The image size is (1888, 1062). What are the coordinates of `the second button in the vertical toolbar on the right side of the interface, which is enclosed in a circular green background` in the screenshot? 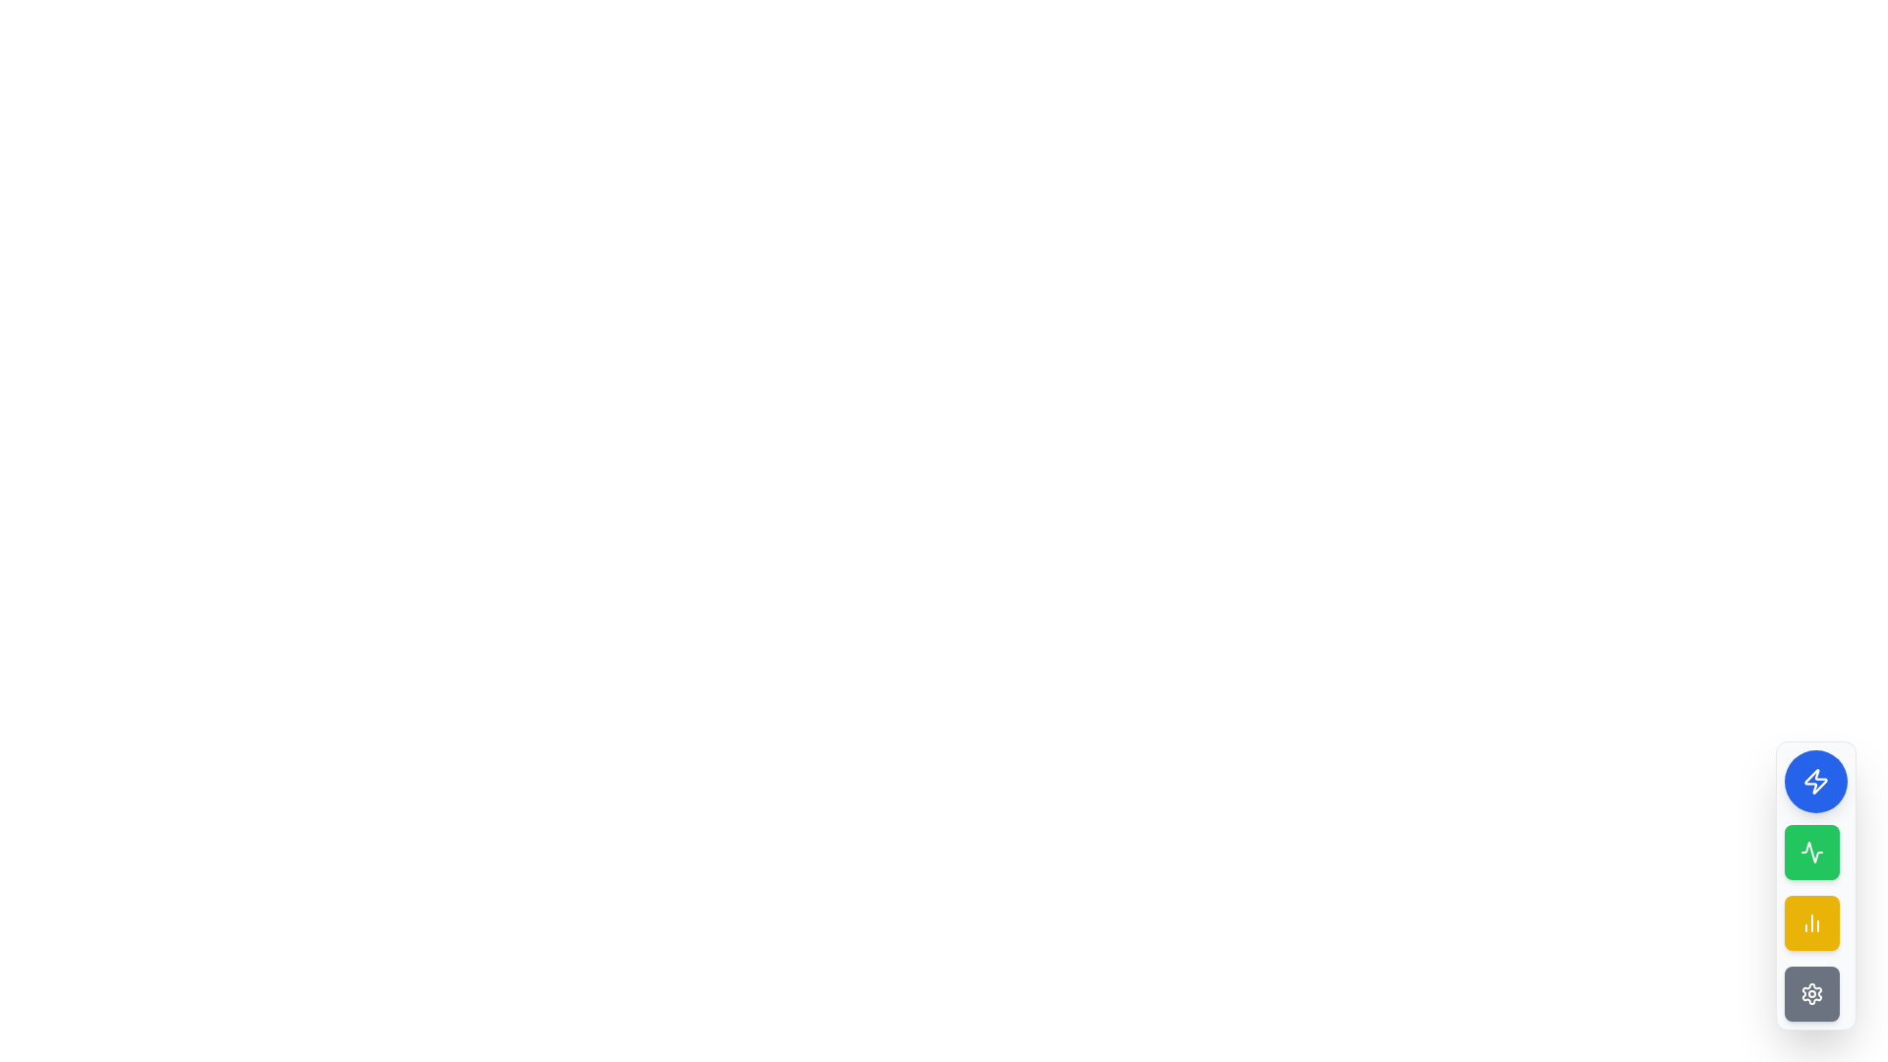 It's located at (1811, 852).